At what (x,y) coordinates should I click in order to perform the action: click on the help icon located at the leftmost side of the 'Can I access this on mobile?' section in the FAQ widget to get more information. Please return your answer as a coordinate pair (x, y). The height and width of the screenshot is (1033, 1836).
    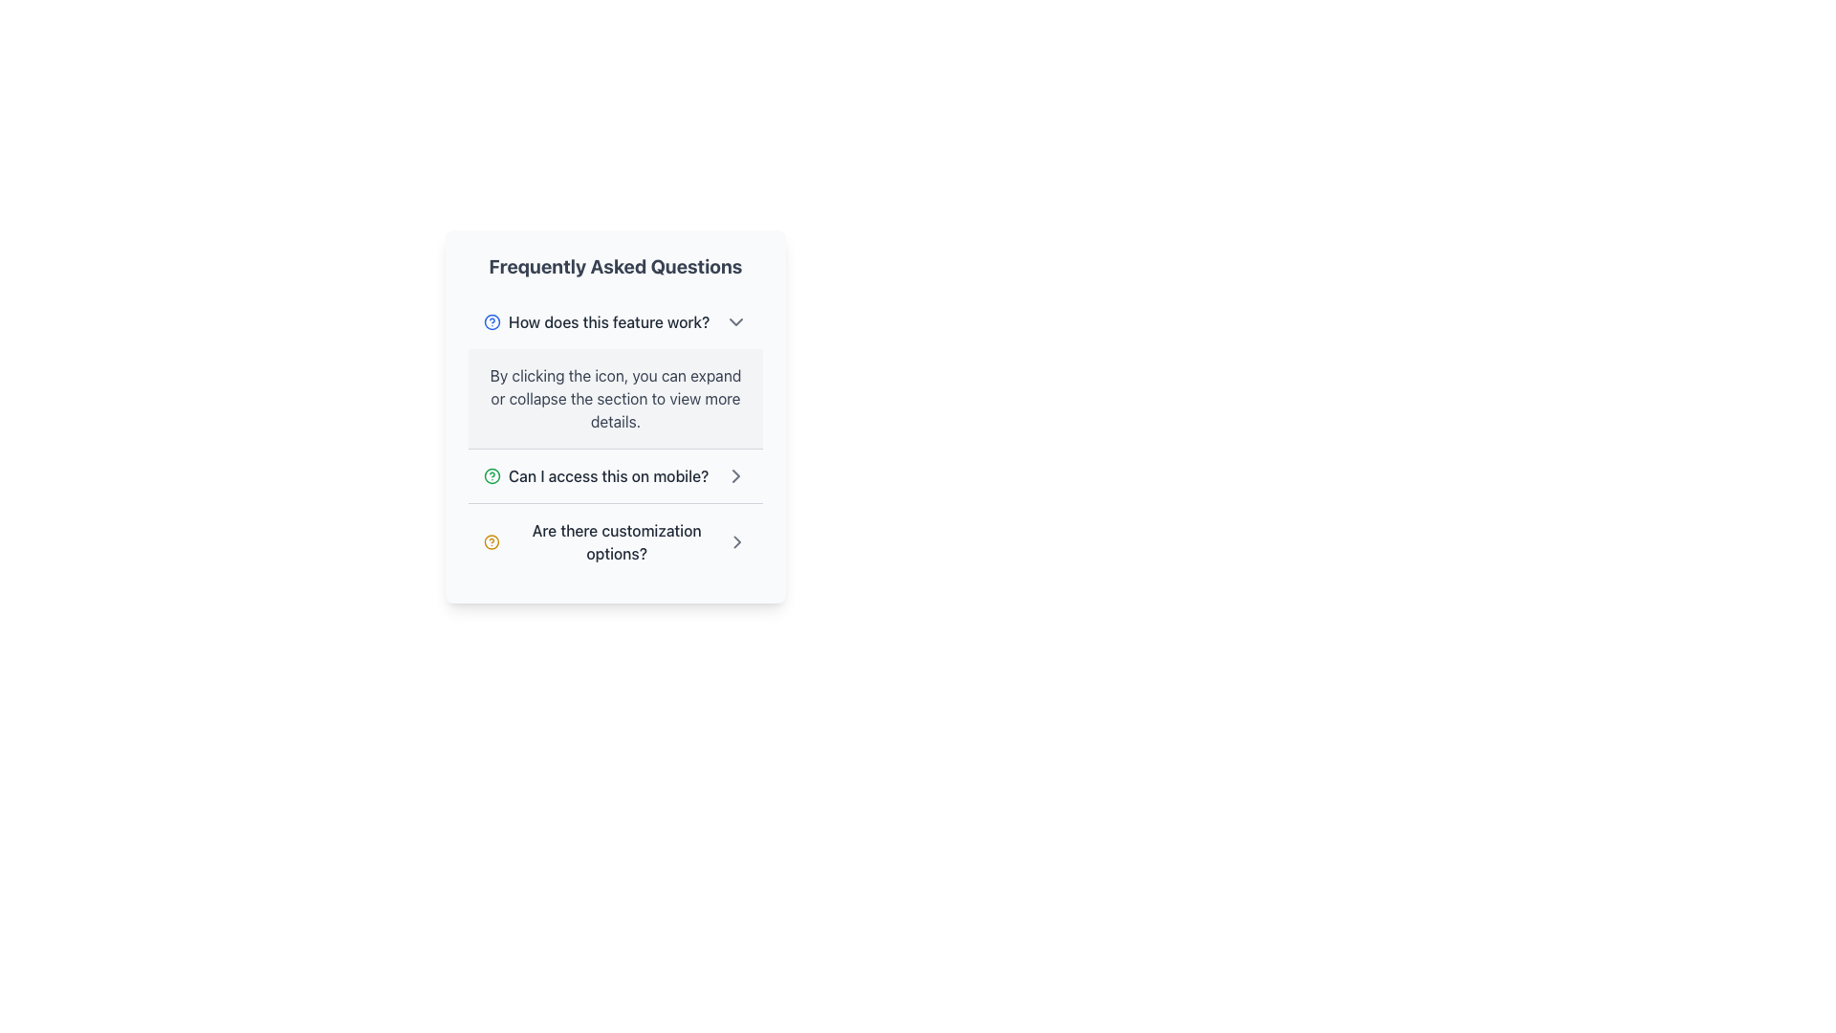
    Looking at the image, I should click on (492, 474).